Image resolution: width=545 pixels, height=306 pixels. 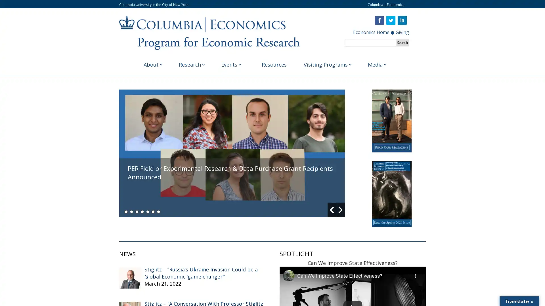 What do you see at coordinates (332, 210) in the screenshot?
I see `Previous` at bounding box center [332, 210].